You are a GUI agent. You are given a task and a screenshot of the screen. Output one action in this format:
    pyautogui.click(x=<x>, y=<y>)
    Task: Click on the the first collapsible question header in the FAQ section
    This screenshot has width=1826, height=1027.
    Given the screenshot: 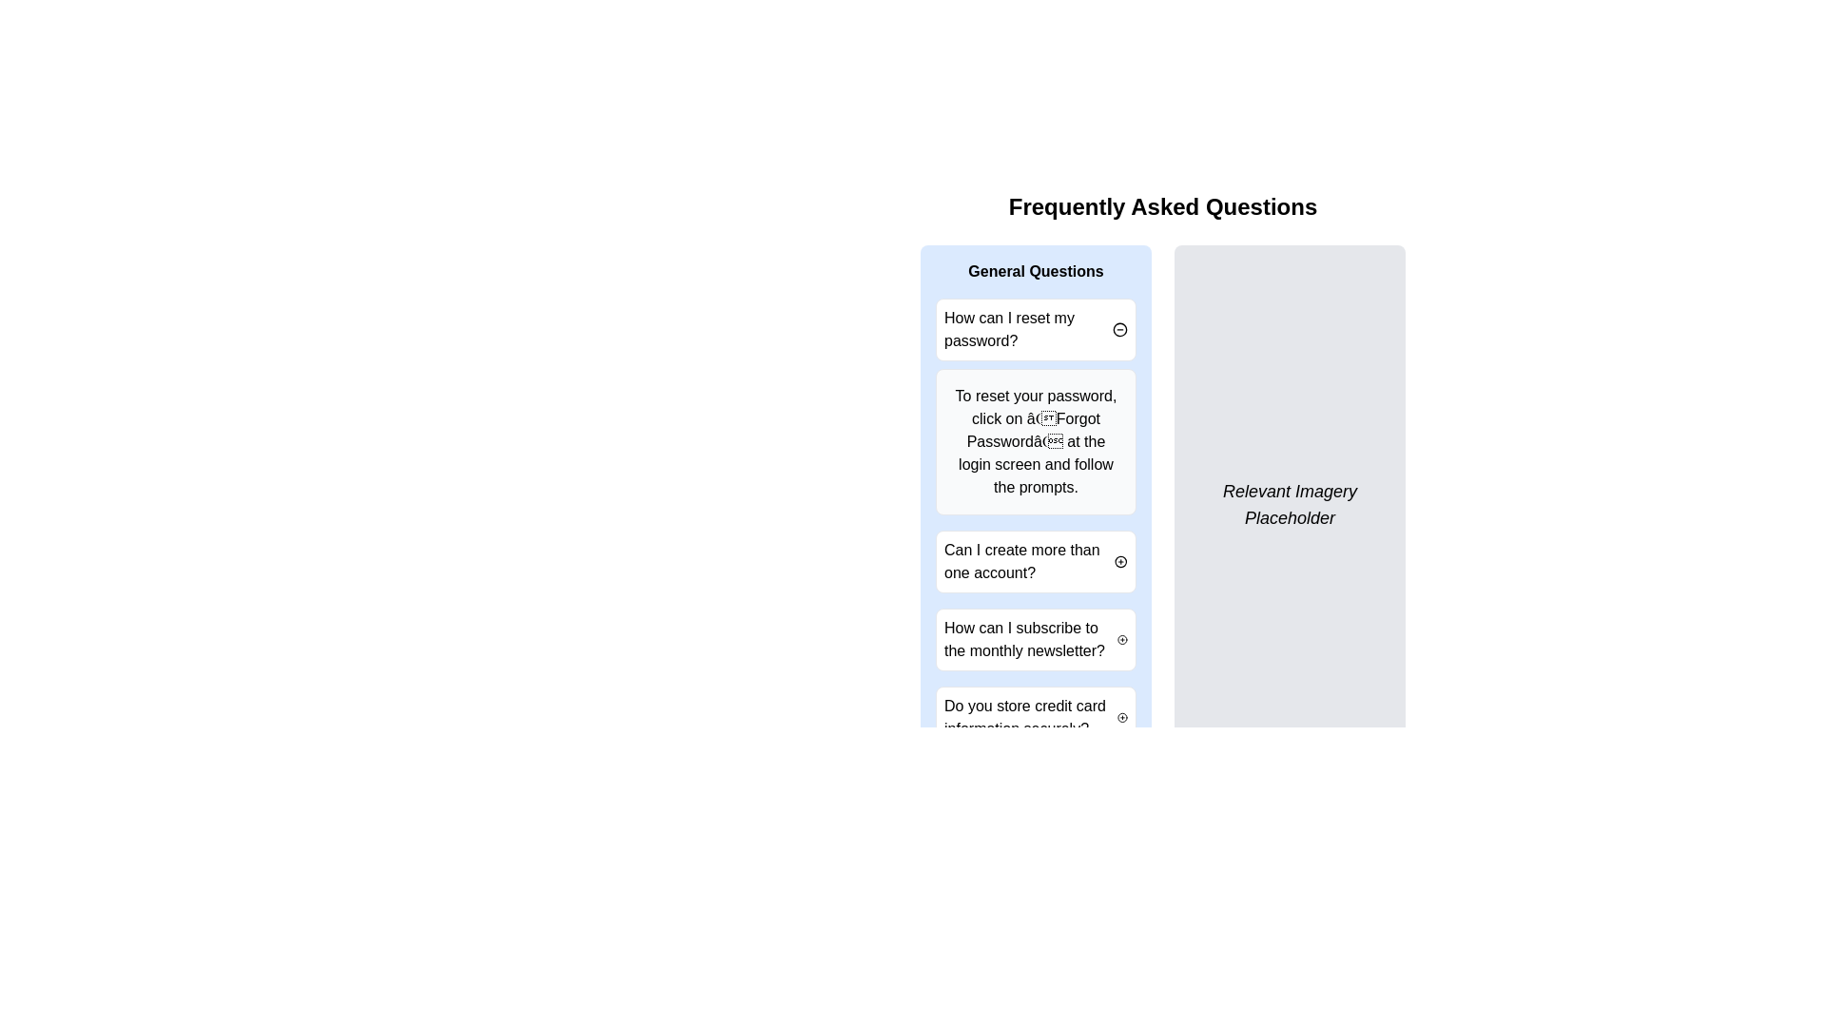 What is the action you would take?
    pyautogui.click(x=1035, y=329)
    